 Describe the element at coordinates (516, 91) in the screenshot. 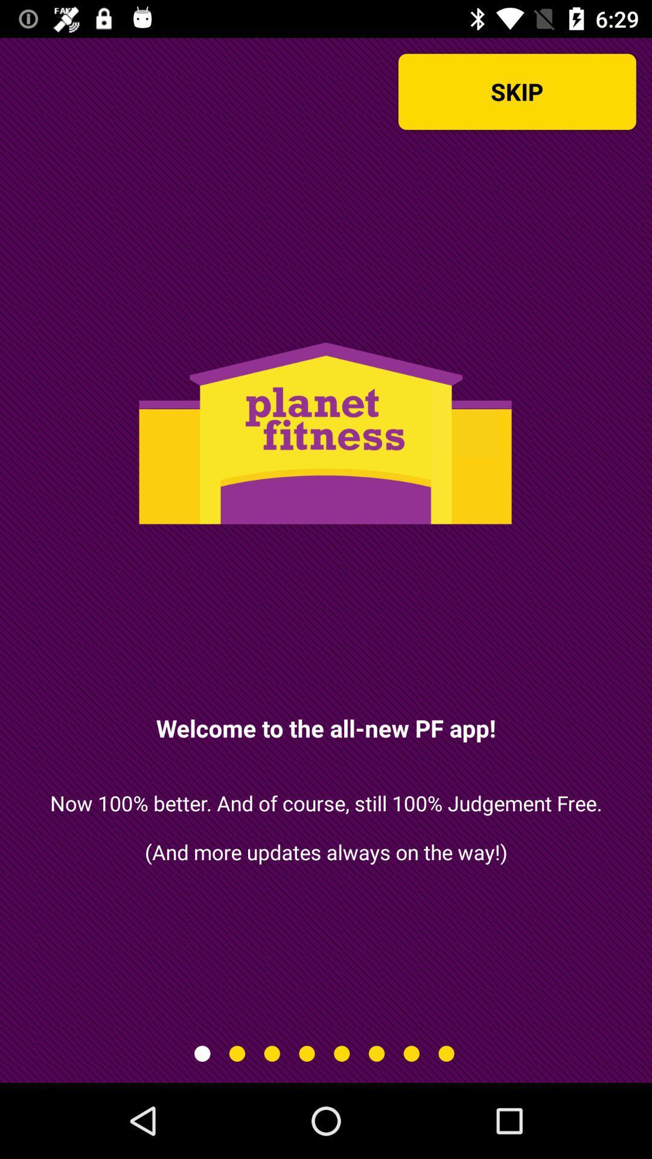

I see `skip icon` at that location.